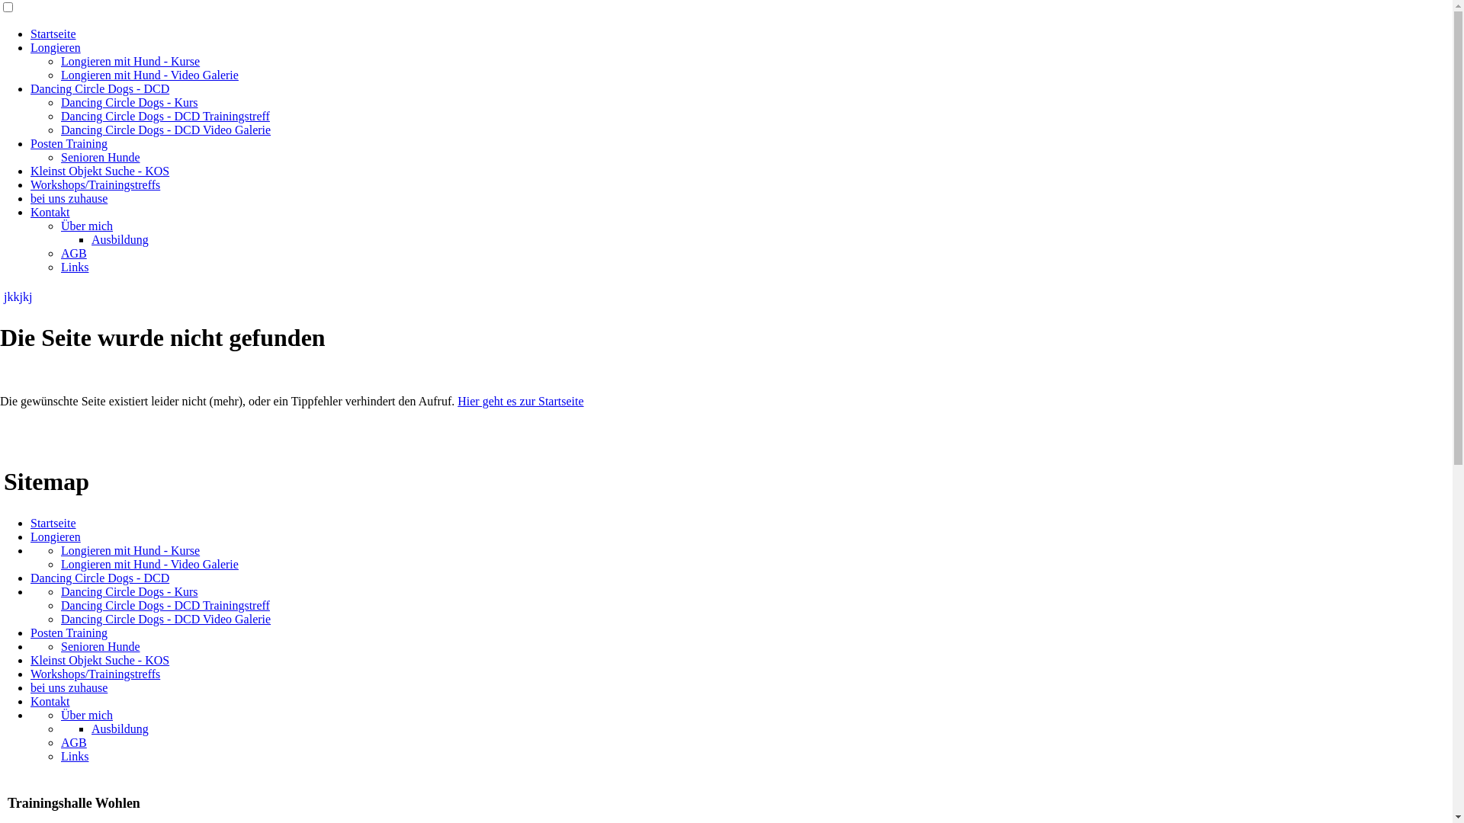 This screenshot has width=1464, height=823. Describe the element at coordinates (30, 197) in the screenshot. I see `'bei uns zuhause'` at that location.